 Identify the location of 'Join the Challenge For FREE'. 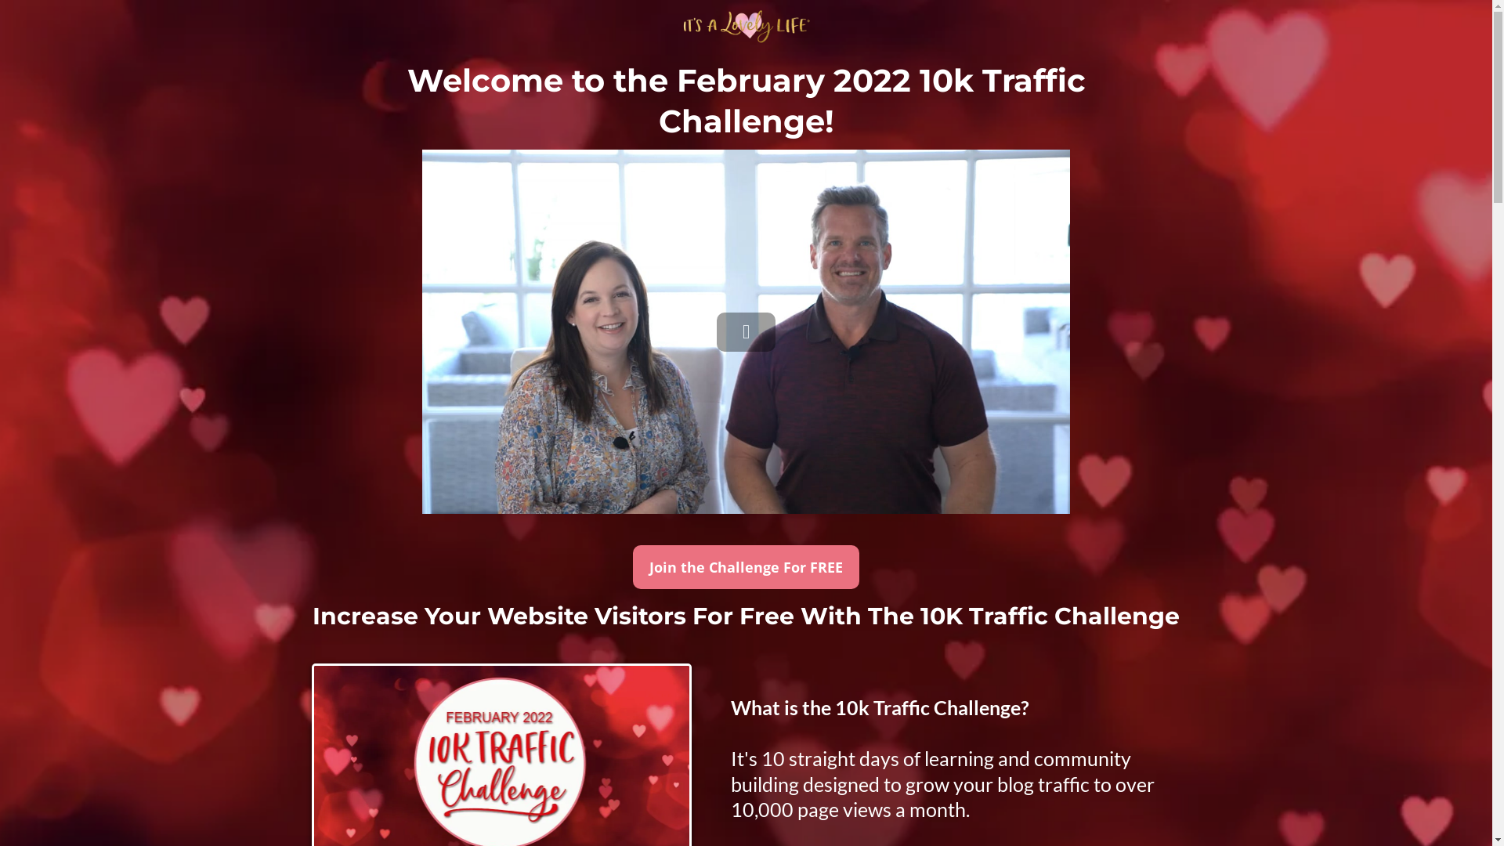
(745, 567).